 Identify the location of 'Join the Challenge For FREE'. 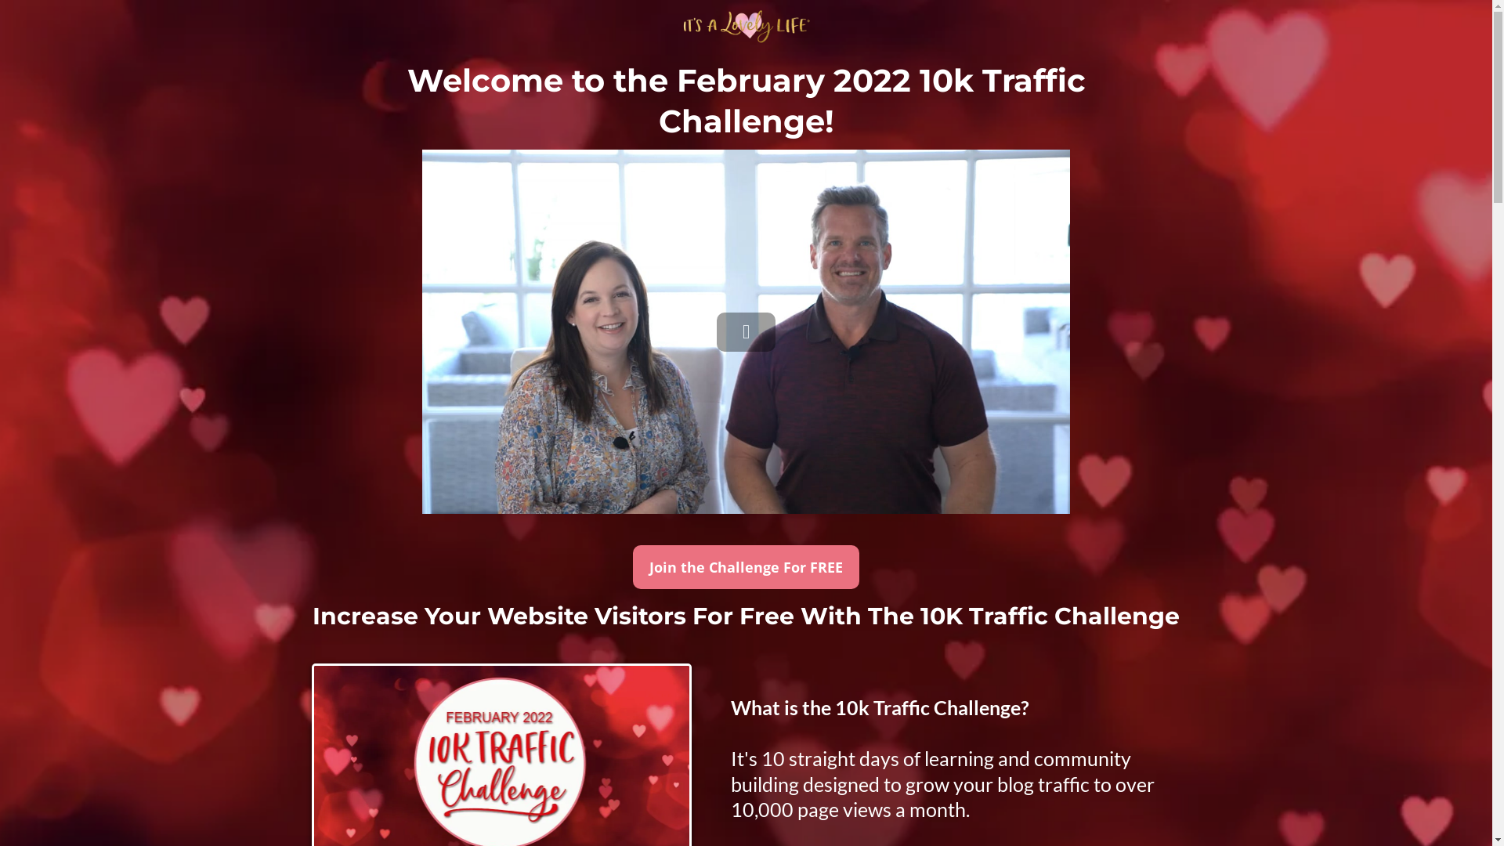
(745, 567).